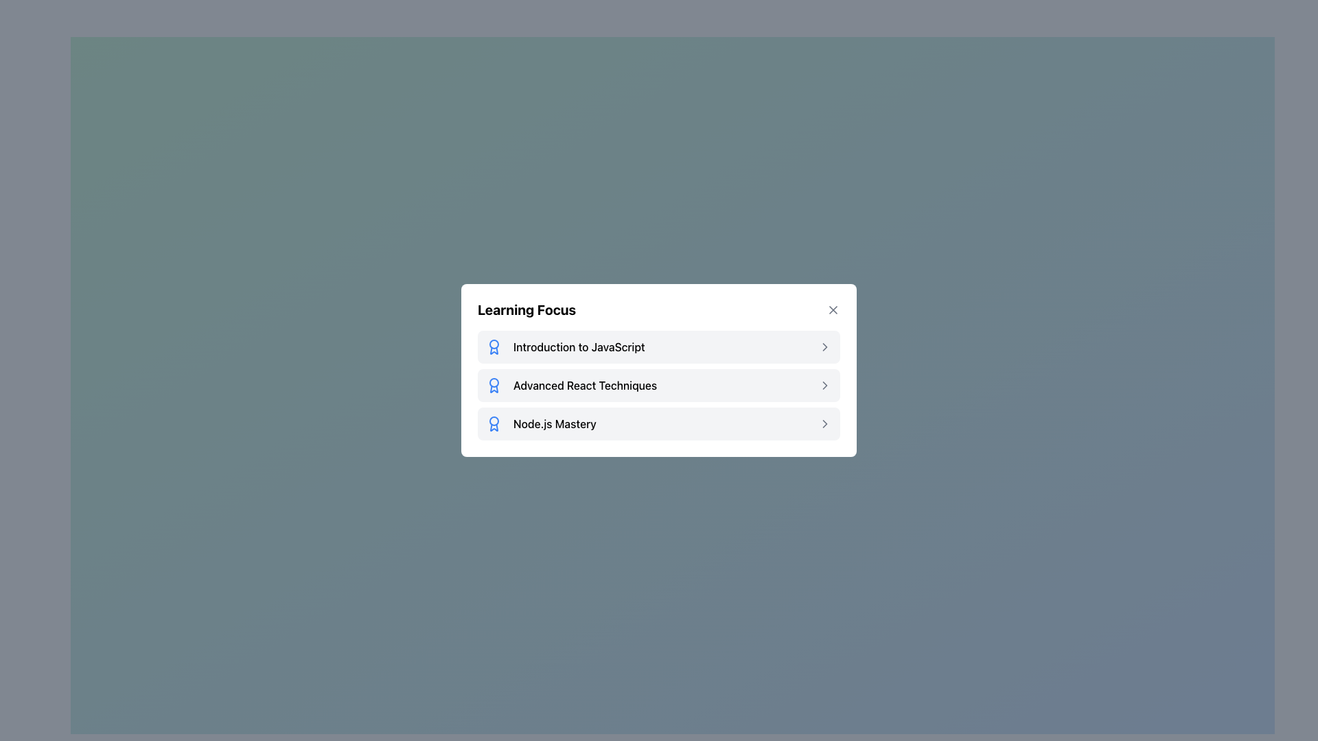 The height and width of the screenshot is (741, 1318). I want to click on the close button located in the top-right corner of the 'Learning Focus' card, so click(833, 309).